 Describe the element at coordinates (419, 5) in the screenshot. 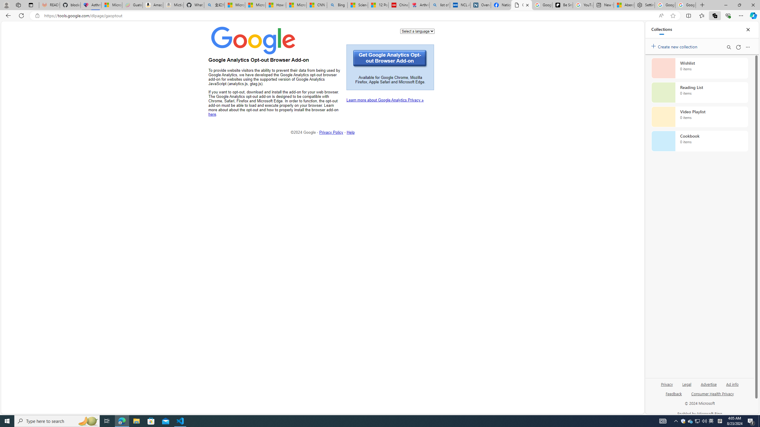

I see `'Arthritis: Ask Health Professionals'` at that location.